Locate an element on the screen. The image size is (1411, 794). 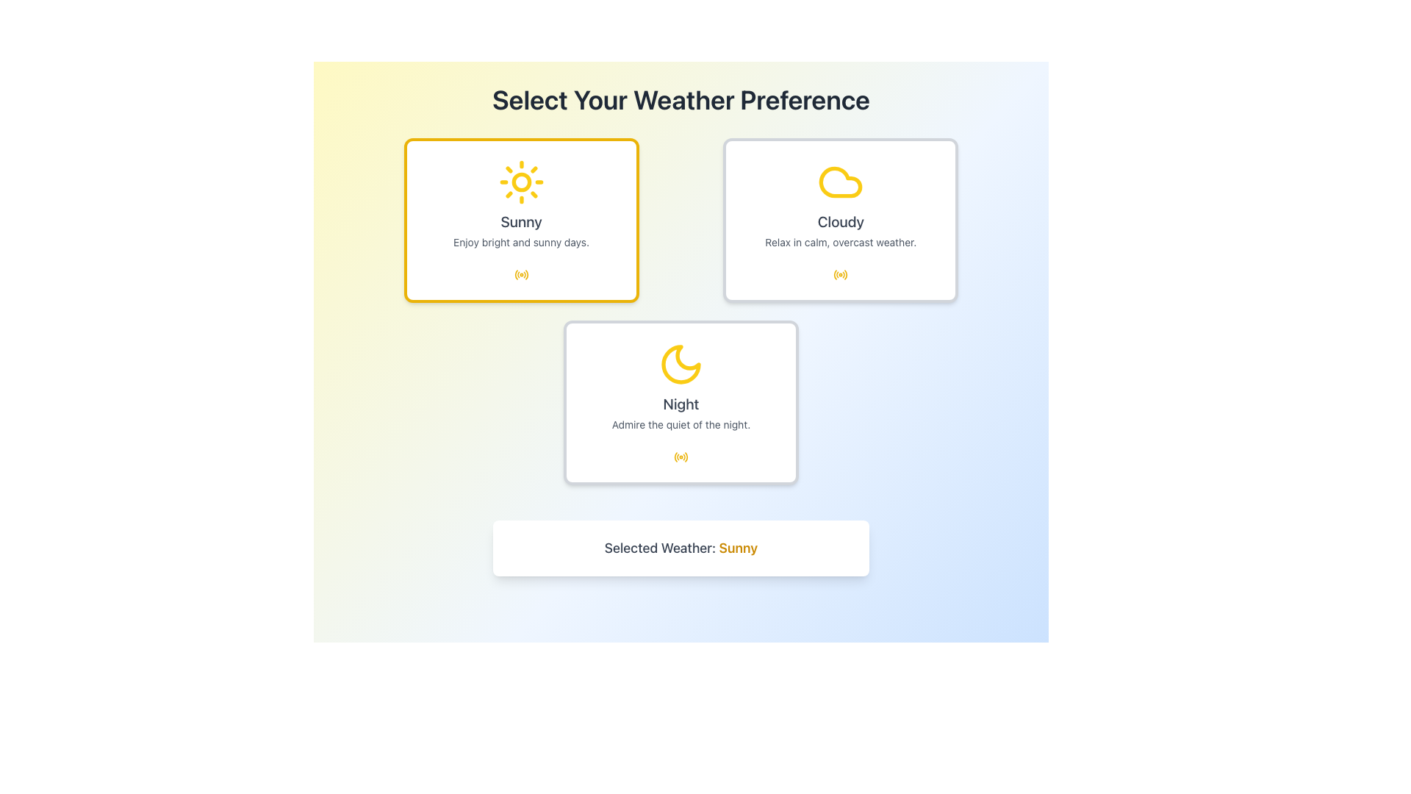
the text label displaying 'Sunny', which is a bold, large gray text centrally located within a white card with a yellow border is located at coordinates (521, 221).